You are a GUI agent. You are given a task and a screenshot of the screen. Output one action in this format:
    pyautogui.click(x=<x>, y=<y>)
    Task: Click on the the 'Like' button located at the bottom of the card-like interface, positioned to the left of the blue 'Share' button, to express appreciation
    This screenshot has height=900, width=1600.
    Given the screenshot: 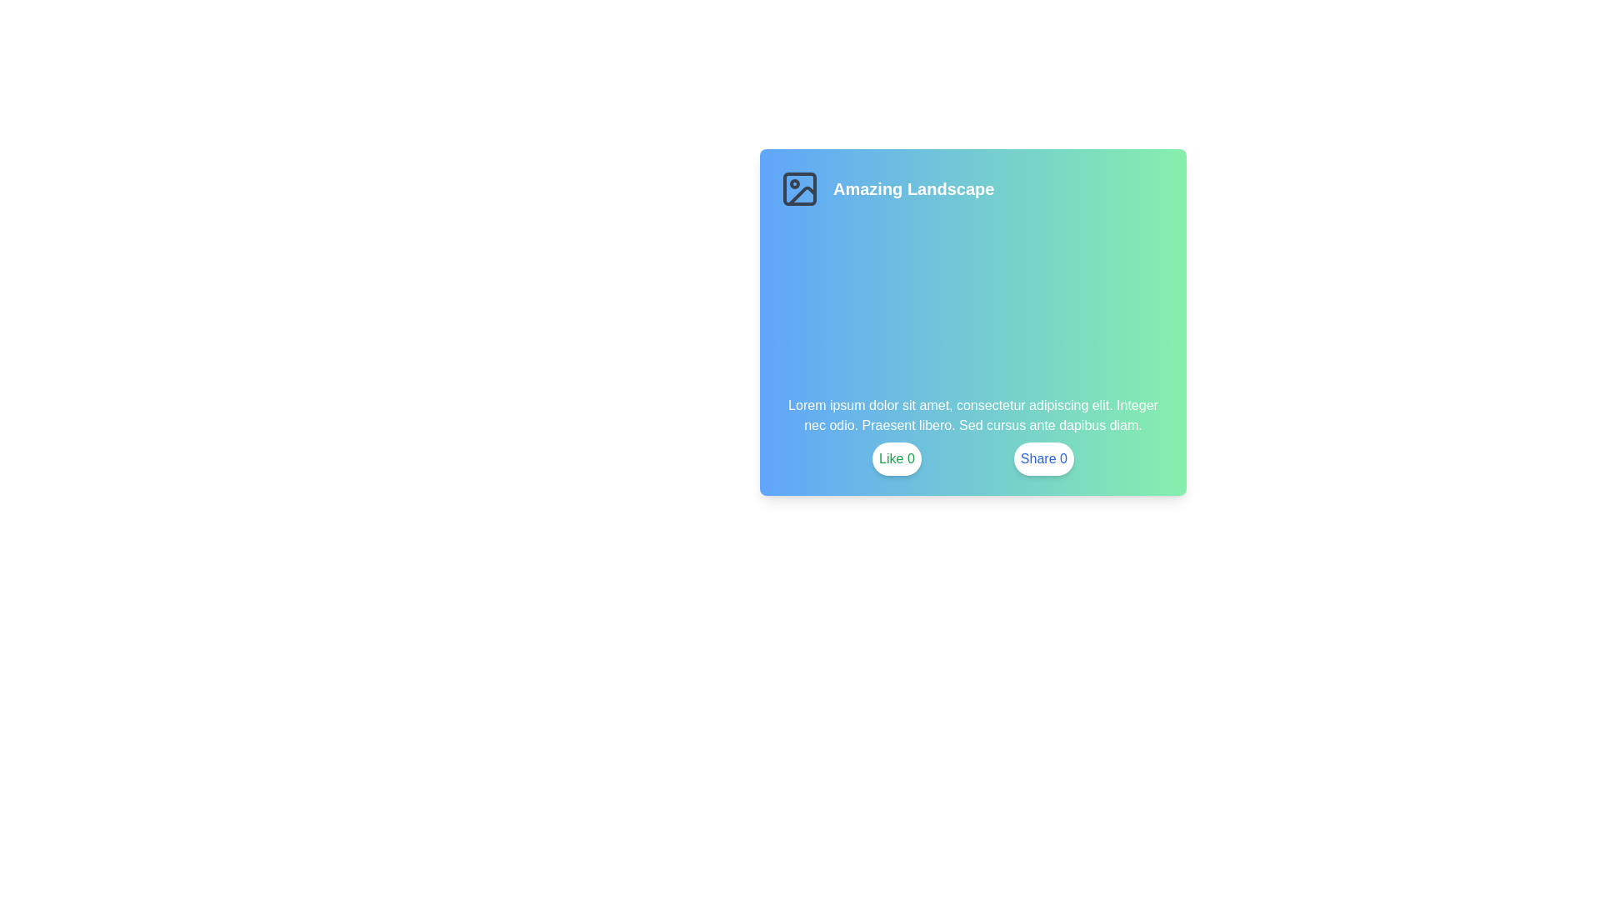 What is the action you would take?
    pyautogui.click(x=895, y=459)
    